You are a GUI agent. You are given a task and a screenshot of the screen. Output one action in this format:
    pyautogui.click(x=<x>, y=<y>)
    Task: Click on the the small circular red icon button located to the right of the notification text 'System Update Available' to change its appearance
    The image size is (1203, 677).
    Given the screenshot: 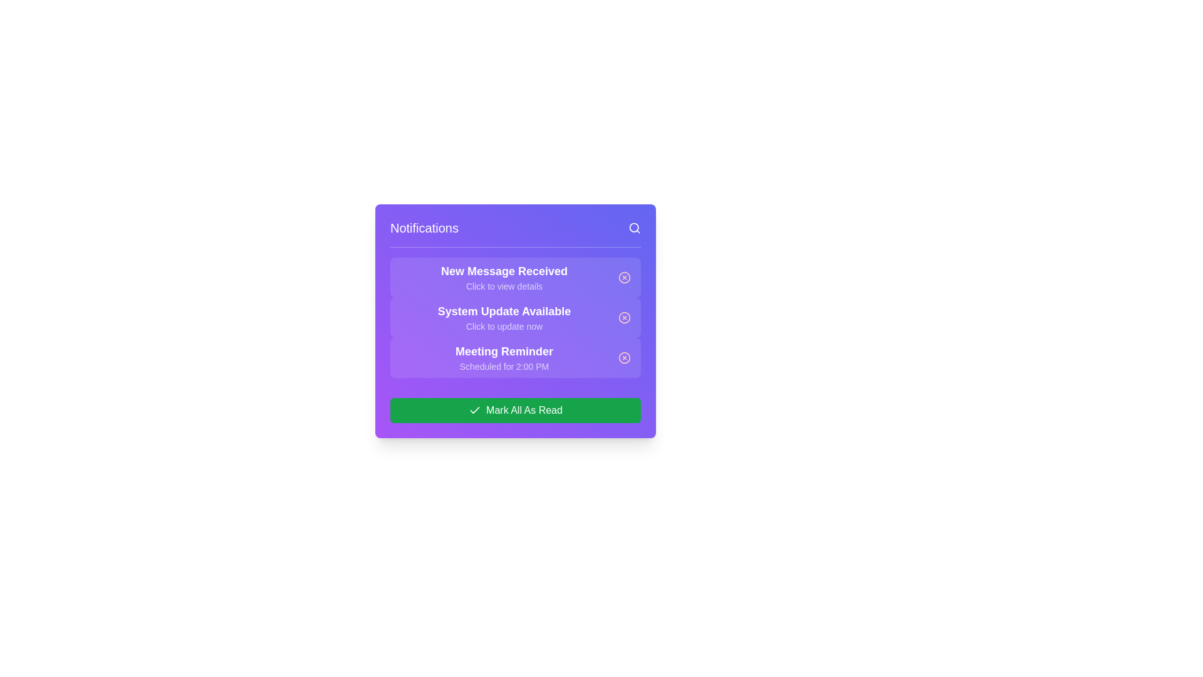 What is the action you would take?
    pyautogui.click(x=625, y=317)
    